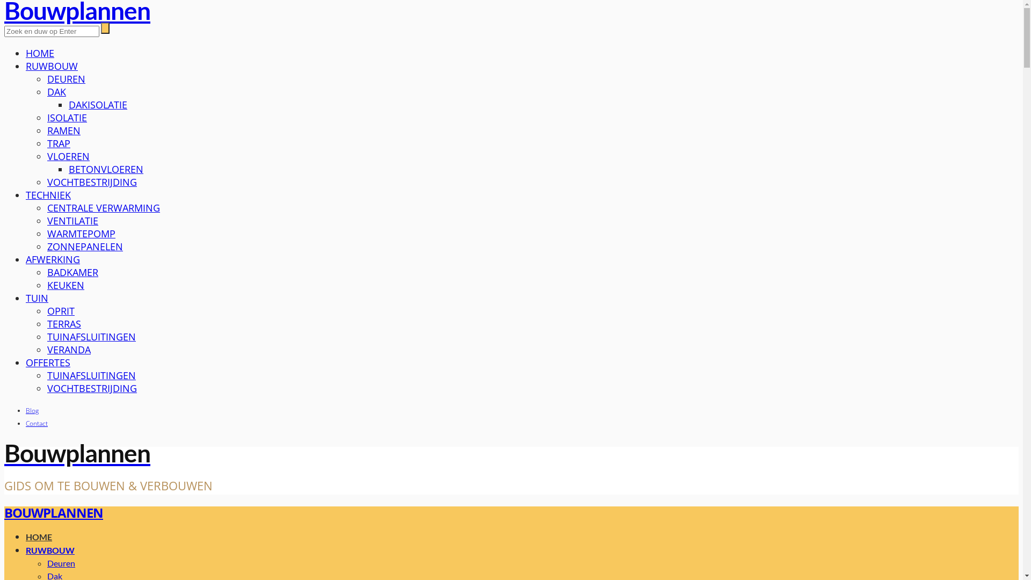 Image resolution: width=1031 pixels, height=580 pixels. Describe the element at coordinates (60, 310) in the screenshot. I see `'OPRIT'` at that location.